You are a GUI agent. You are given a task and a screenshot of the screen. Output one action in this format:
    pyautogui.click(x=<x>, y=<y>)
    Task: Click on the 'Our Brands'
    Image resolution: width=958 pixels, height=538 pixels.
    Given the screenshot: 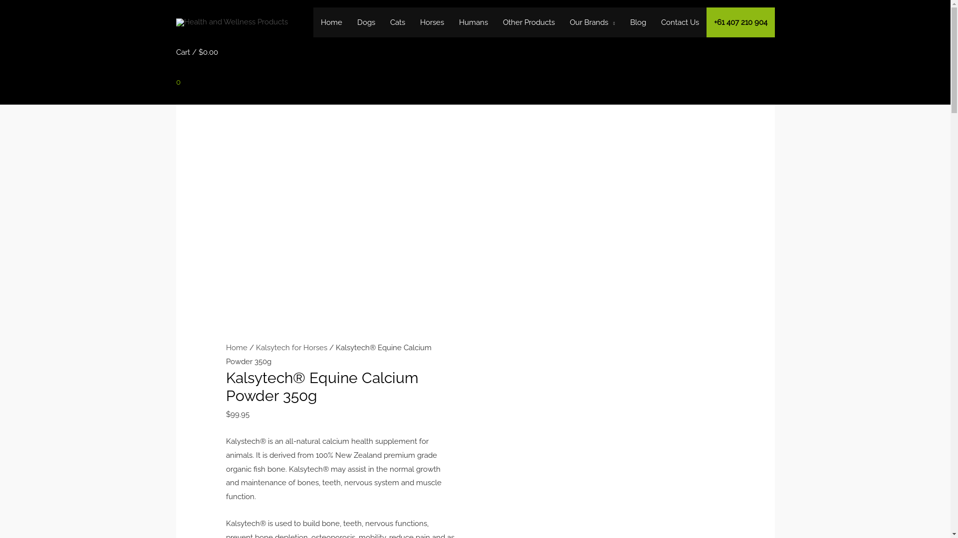 What is the action you would take?
    pyautogui.click(x=592, y=22)
    